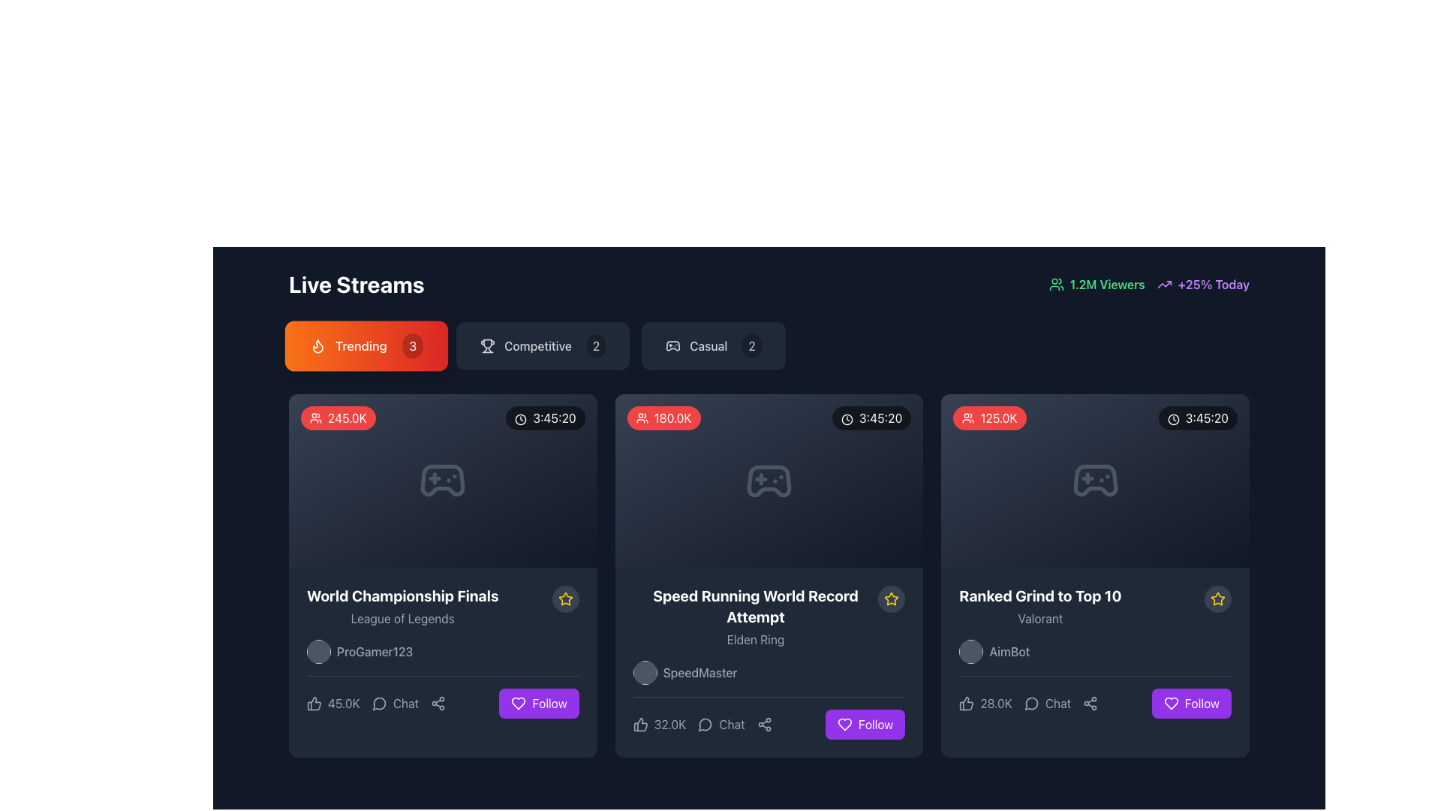 The image size is (1441, 811). Describe the element at coordinates (346, 418) in the screenshot. I see `the Text label displaying the viewer count of '245.0K' located at the upper-left of the live stream card` at that location.